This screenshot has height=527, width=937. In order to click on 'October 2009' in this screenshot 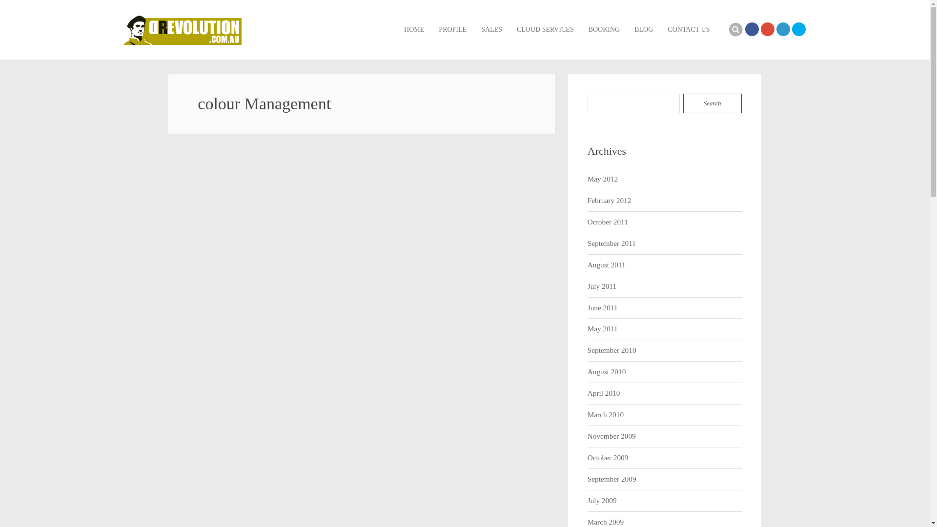, I will do `click(608, 458)`.